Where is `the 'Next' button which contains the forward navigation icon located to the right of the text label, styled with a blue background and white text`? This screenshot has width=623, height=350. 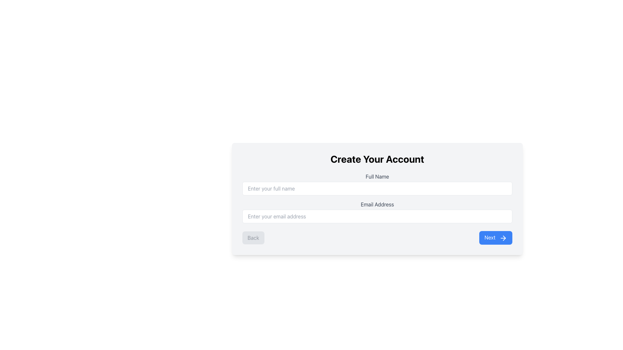 the 'Next' button which contains the forward navigation icon located to the right of the text label, styled with a blue background and white text is located at coordinates (503, 238).